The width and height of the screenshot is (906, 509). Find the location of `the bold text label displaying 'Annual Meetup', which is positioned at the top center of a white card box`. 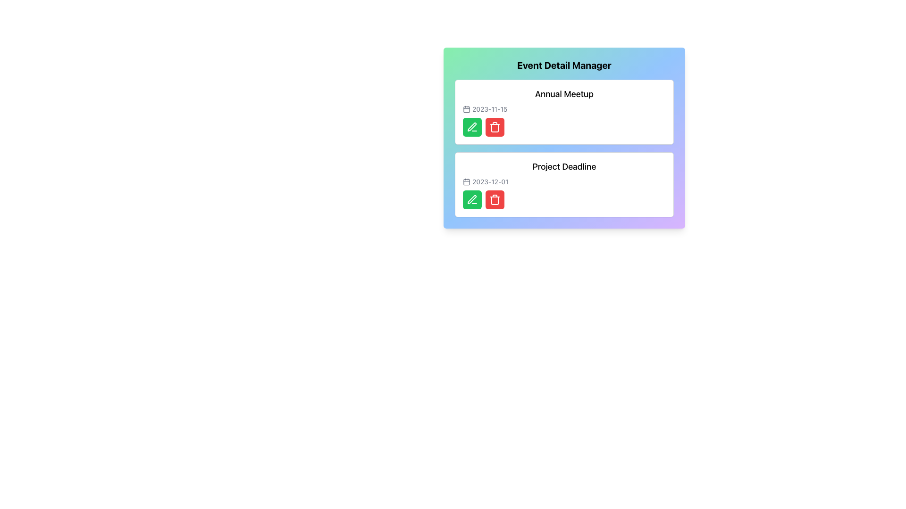

the bold text label displaying 'Annual Meetup', which is positioned at the top center of a white card box is located at coordinates (564, 94).